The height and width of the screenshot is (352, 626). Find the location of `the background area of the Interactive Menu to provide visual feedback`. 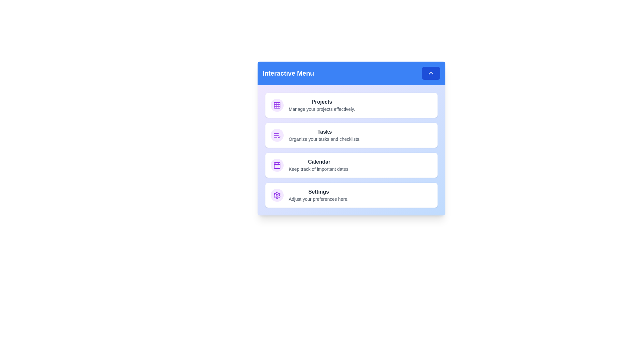

the background area of the Interactive Menu to provide visual feedback is located at coordinates (351, 138).